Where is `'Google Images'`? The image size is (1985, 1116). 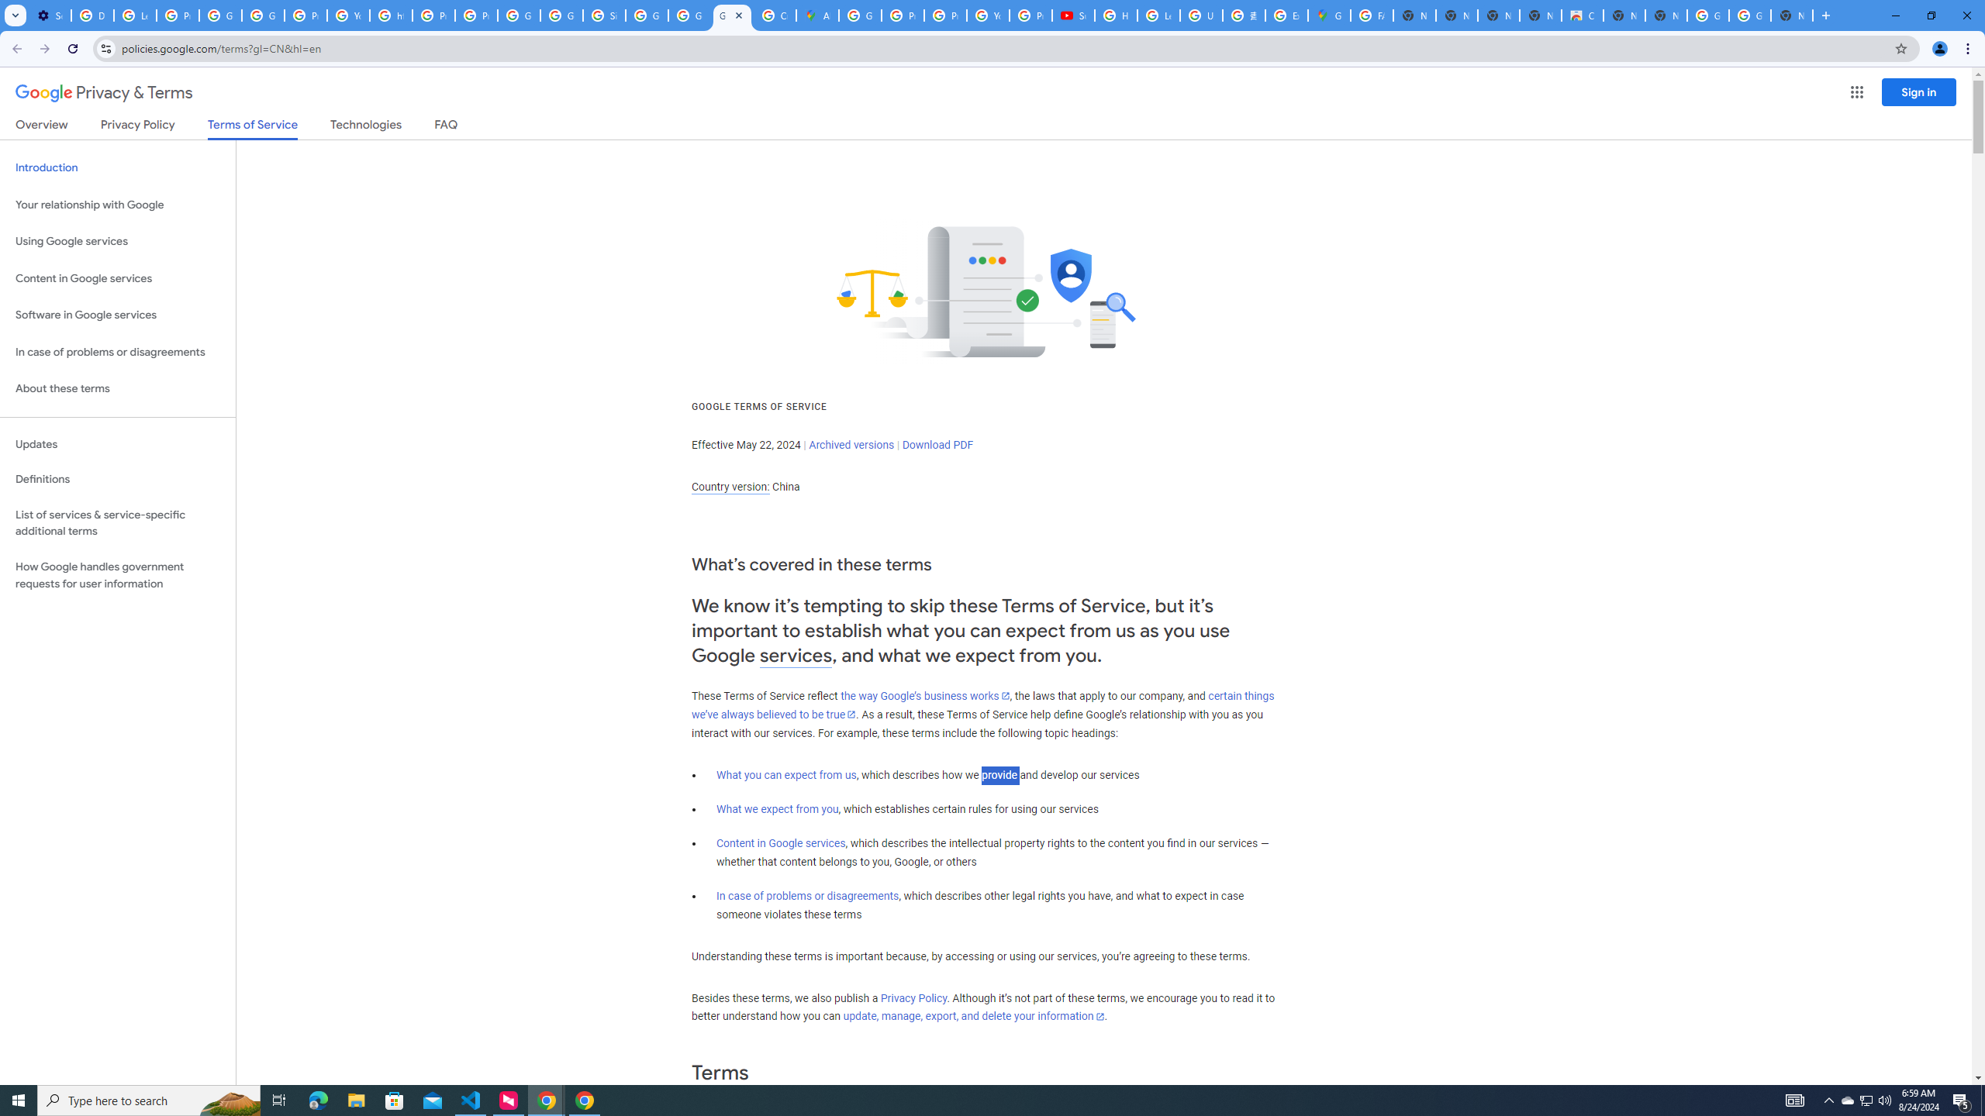 'Google Images' is located at coordinates (1707, 15).